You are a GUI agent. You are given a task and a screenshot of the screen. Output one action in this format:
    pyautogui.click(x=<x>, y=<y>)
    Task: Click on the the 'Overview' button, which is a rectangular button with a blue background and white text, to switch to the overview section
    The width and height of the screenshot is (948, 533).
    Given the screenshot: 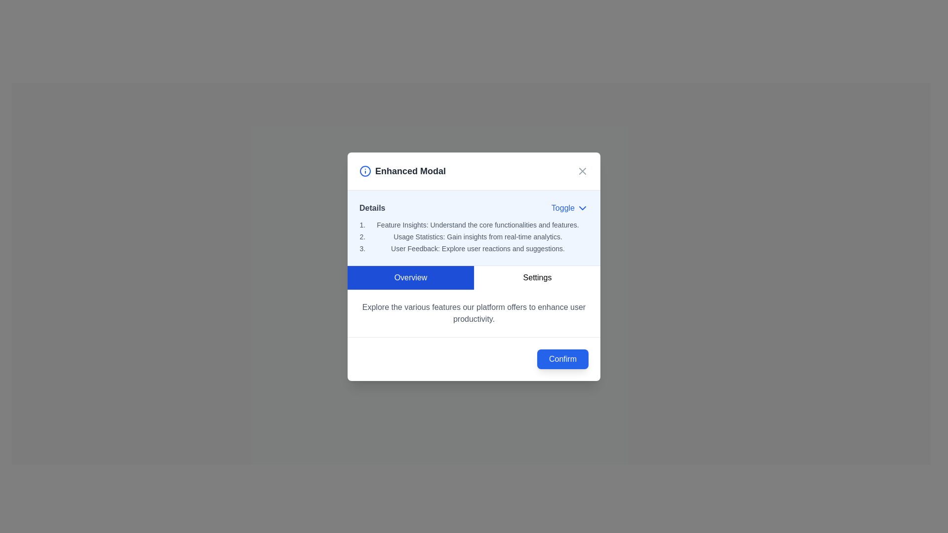 What is the action you would take?
    pyautogui.click(x=410, y=277)
    